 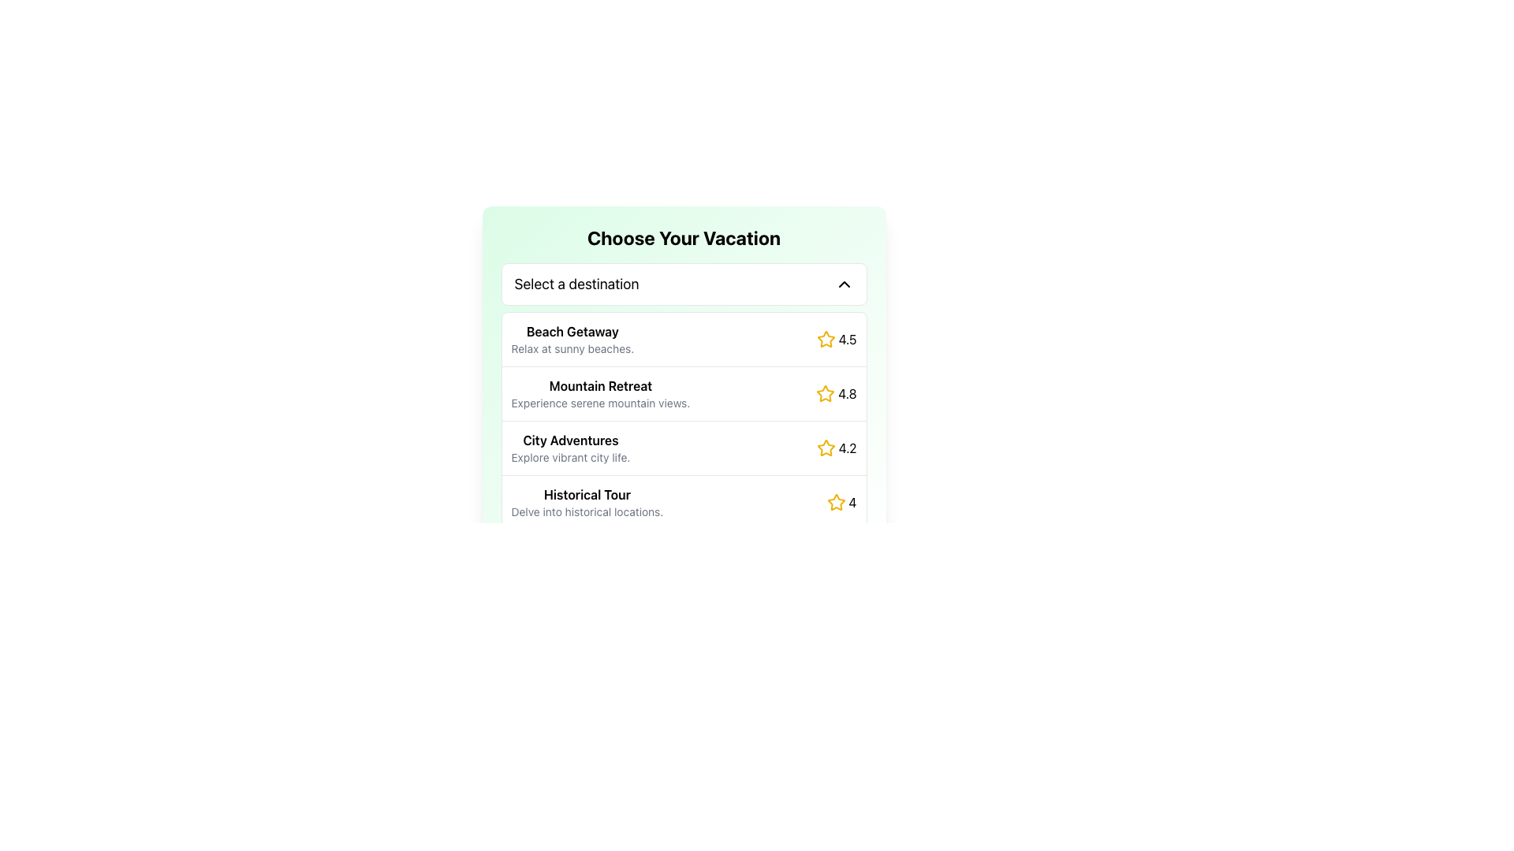 What do you see at coordinates (847, 448) in the screenshot?
I see `the rating score text for the 'City Adventures' destination, which is the third element in a vertical list aligned with a star icon` at bounding box center [847, 448].